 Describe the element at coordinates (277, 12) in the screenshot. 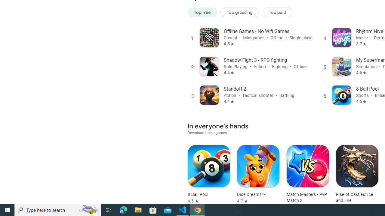

I see `'Top paid'` at that location.